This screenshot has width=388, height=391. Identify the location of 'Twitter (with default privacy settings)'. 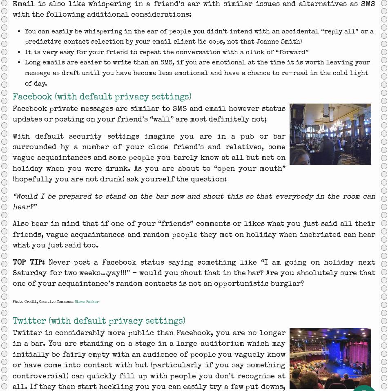
(98, 321).